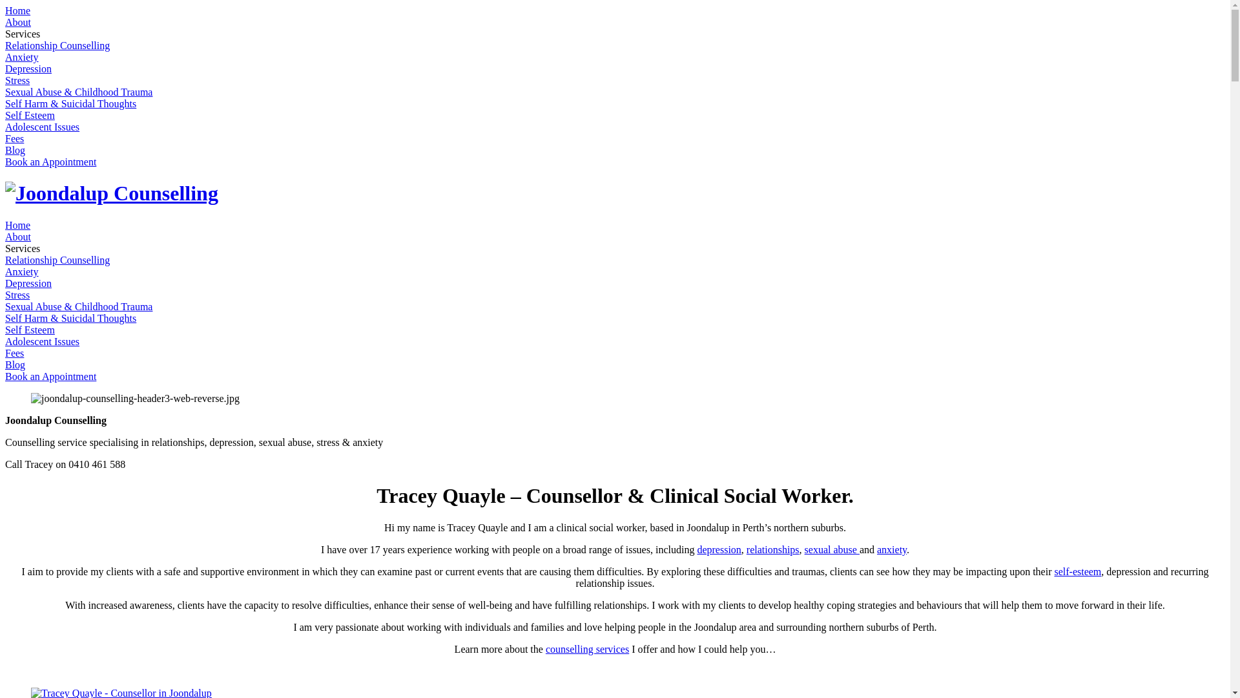 The height and width of the screenshot is (698, 1240). I want to click on 'Blog', so click(15, 149).